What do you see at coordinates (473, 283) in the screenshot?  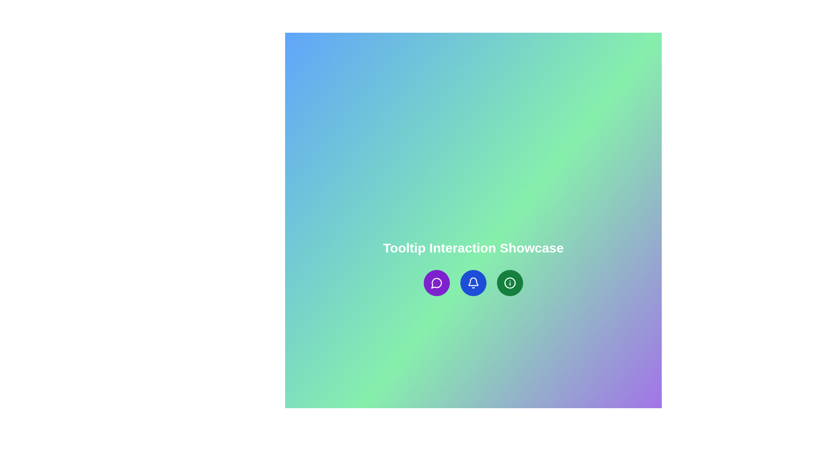 I see `the blue circular notification icon with a white bell symbol, which is the middle icon in a row of three, located directly beneath the 'Tooltip Interaction Showcase' heading` at bounding box center [473, 283].